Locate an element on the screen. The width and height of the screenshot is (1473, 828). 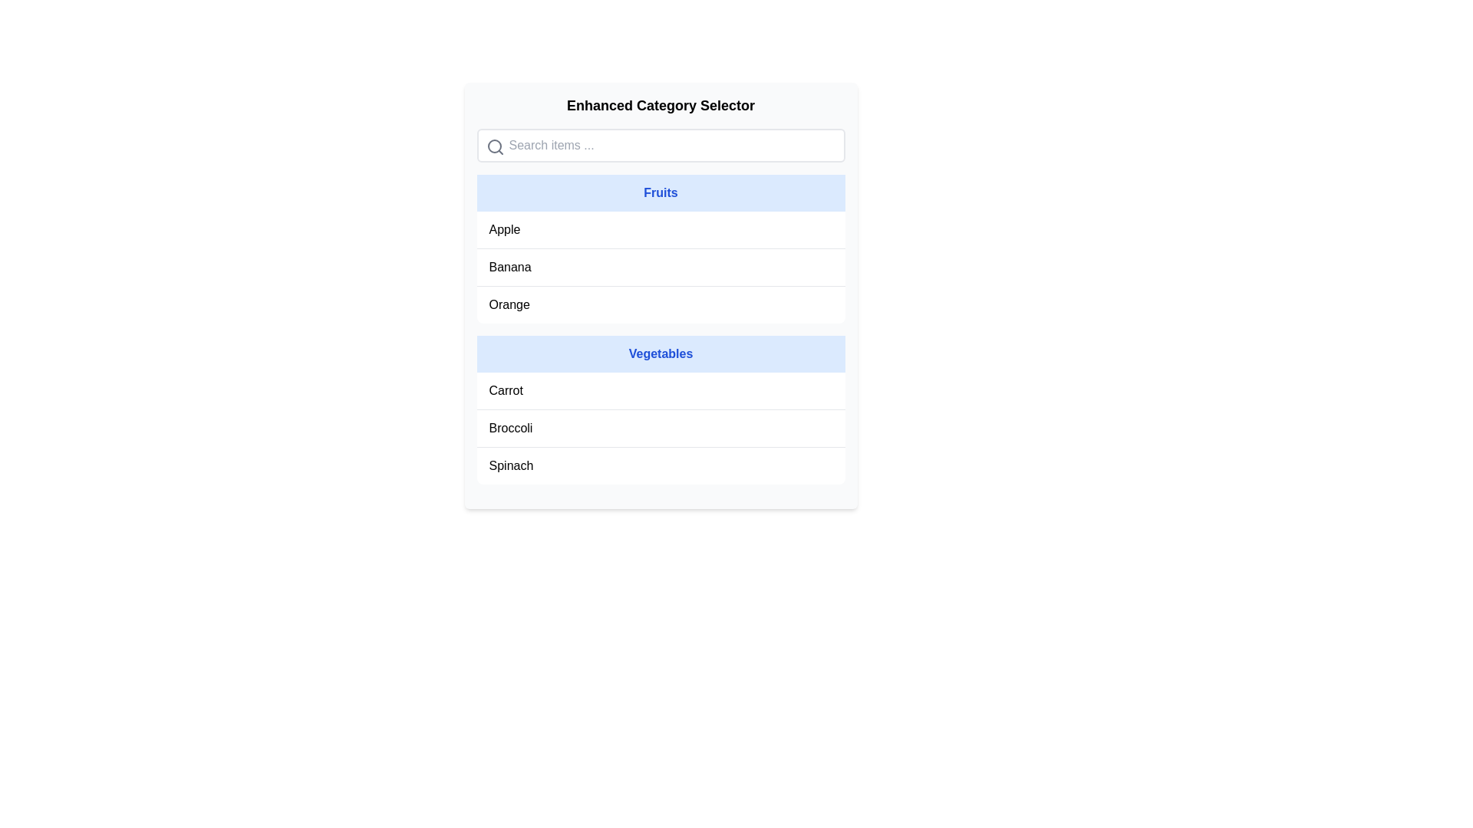
to select the third item in the 'Vegetables' section of the list, located beneath 'Broccoli' is located at coordinates (661, 465).